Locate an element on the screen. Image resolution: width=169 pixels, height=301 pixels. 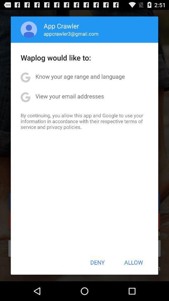
the app crawler item is located at coordinates (61, 26).